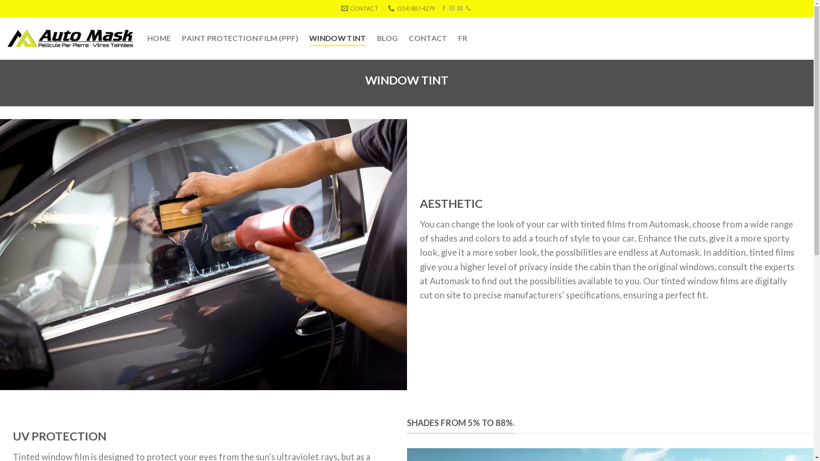 The image size is (820, 461). I want to click on 'WINDOW TINT', so click(337, 38).